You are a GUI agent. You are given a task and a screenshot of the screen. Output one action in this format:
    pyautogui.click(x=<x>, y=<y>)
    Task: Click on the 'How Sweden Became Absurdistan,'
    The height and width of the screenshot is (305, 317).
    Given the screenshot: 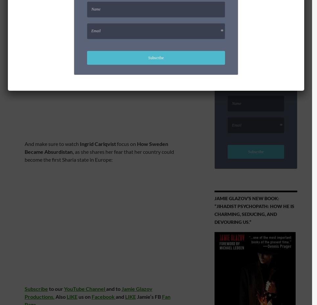 What is the action you would take?
    pyautogui.click(x=96, y=148)
    